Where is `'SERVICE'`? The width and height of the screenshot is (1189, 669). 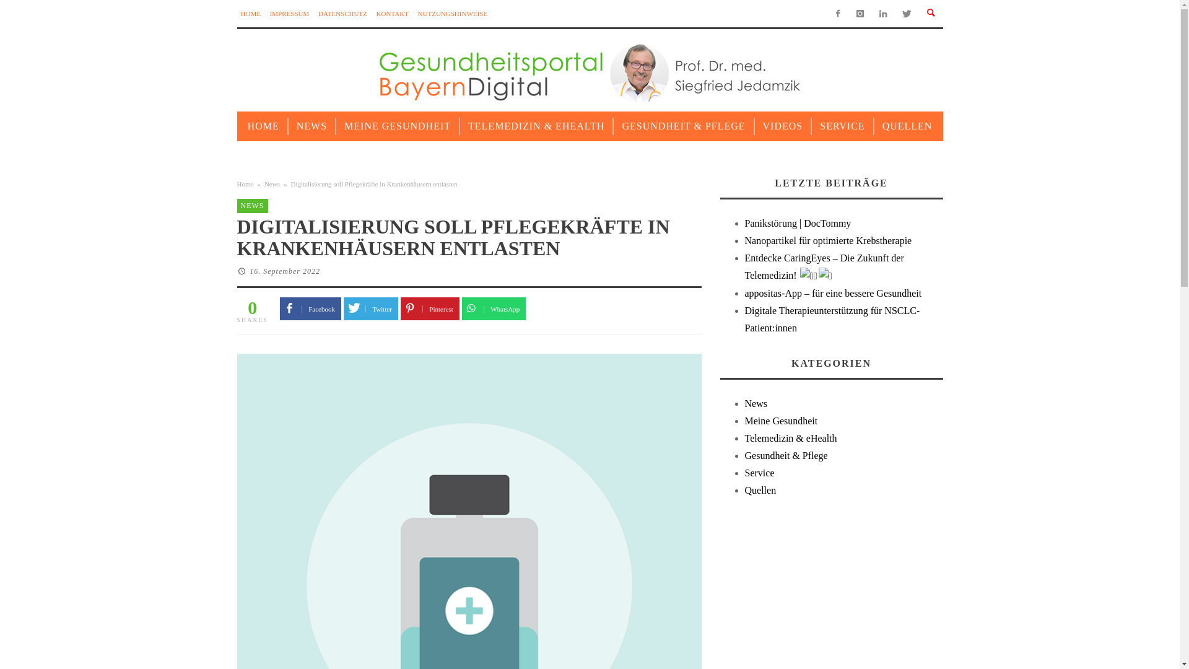 'SERVICE' is located at coordinates (812, 126).